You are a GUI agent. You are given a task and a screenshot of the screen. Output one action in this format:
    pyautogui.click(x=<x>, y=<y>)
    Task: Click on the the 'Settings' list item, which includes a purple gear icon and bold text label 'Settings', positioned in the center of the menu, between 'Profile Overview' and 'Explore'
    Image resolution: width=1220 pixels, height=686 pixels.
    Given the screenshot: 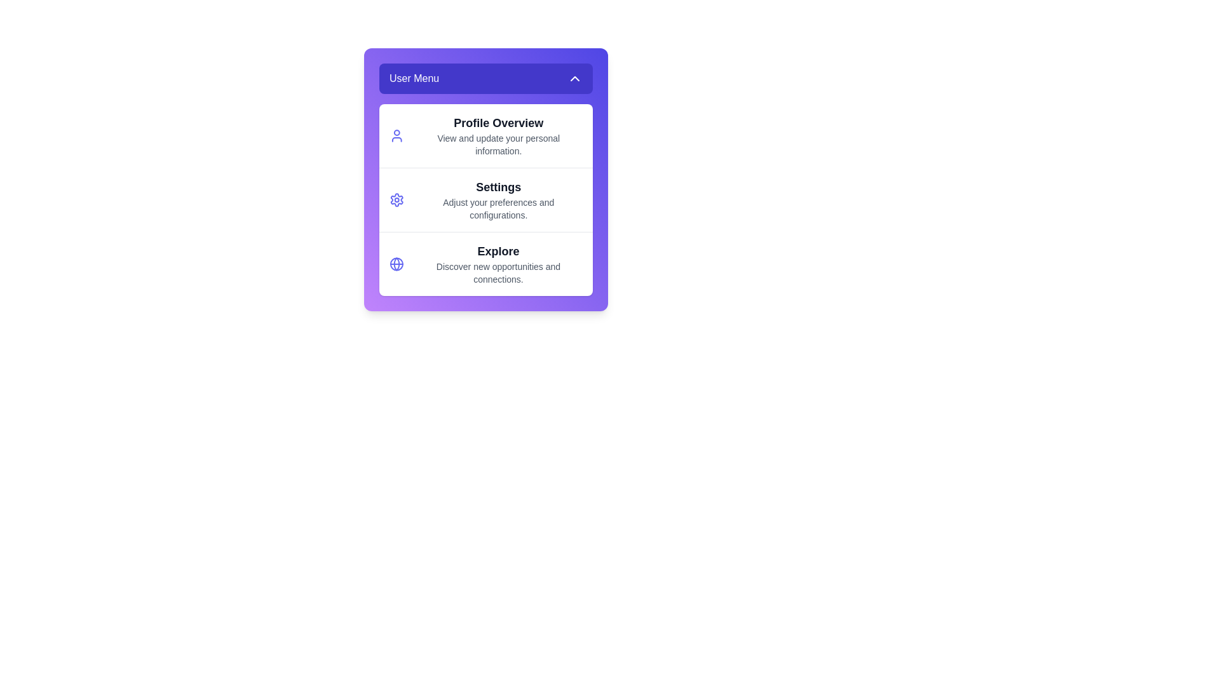 What is the action you would take?
    pyautogui.click(x=485, y=199)
    